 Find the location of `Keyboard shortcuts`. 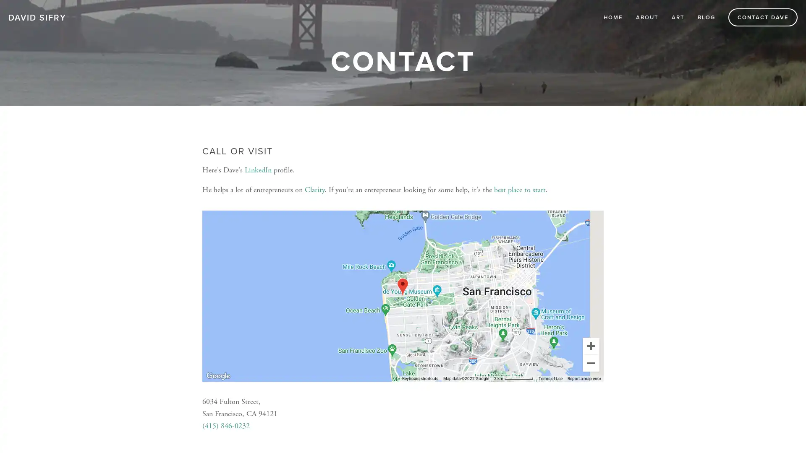

Keyboard shortcuts is located at coordinates (420, 378).